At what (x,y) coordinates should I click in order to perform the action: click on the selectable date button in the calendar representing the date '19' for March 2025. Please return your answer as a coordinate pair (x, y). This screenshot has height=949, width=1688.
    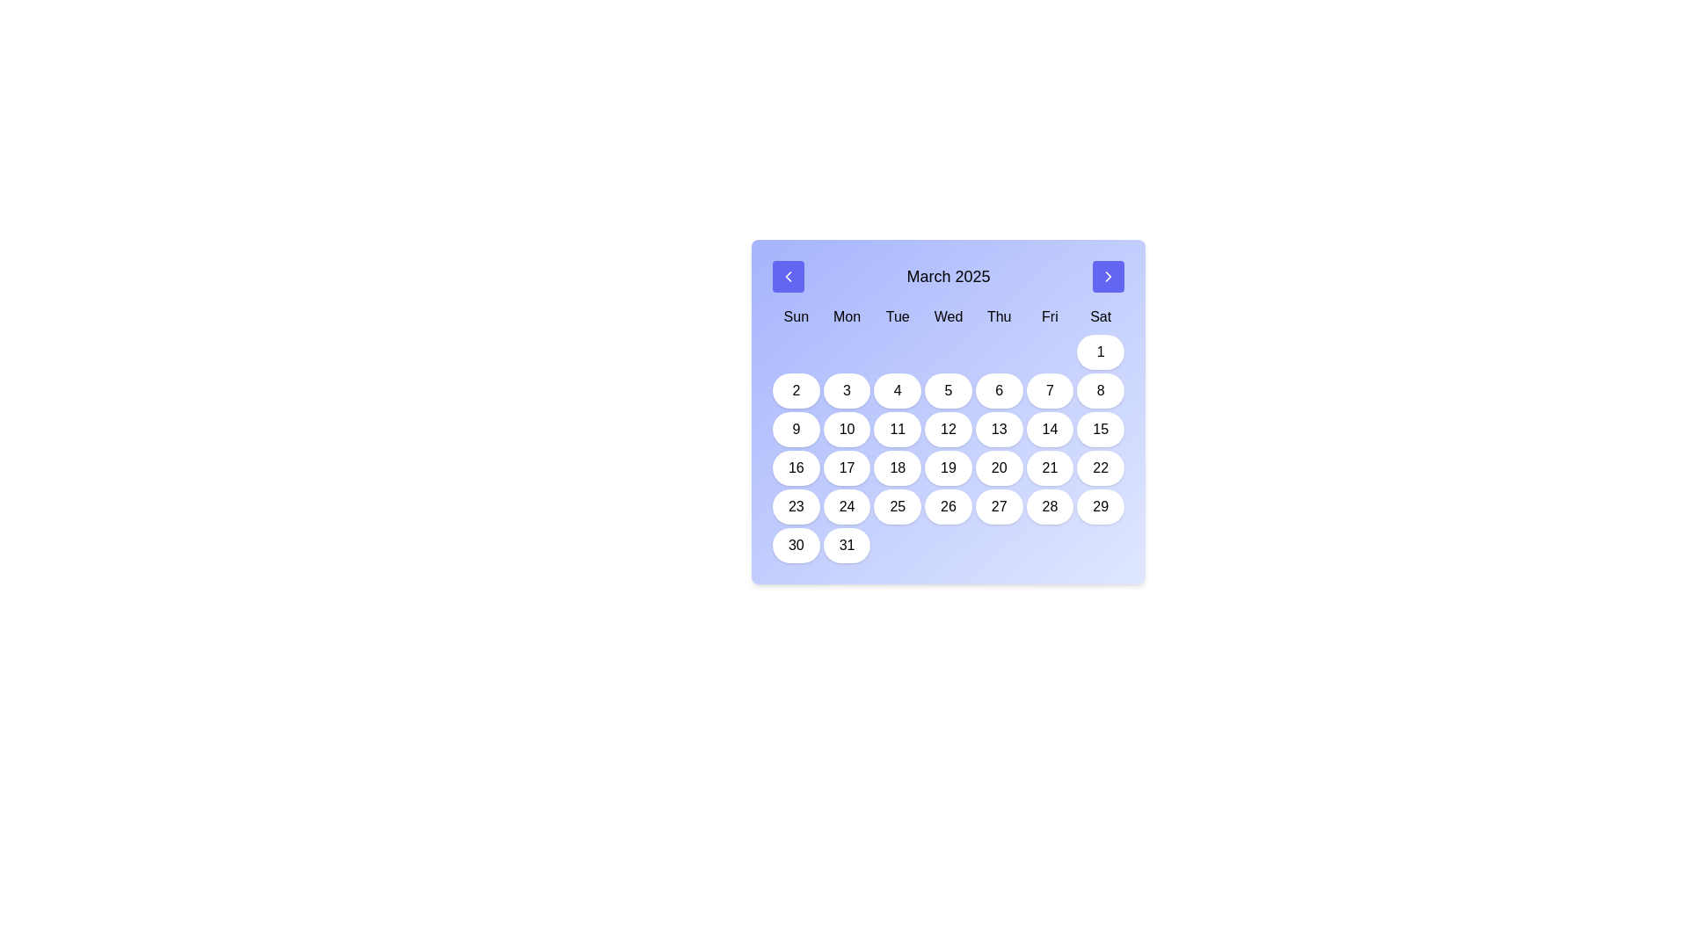
    Looking at the image, I should click on (948, 467).